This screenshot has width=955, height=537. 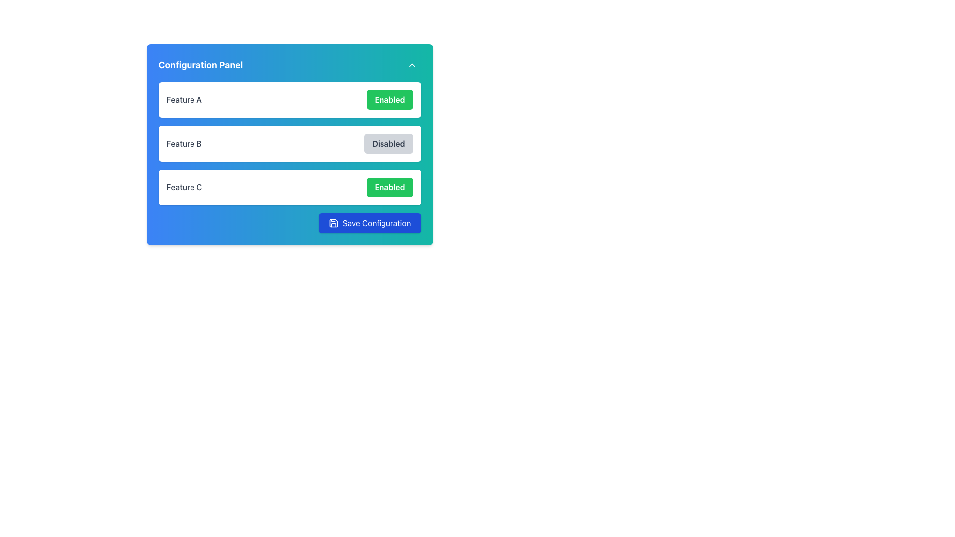 What do you see at coordinates (184, 99) in the screenshot?
I see `descriptive label indicating the name of the feature 'Feature A' in the top-left section of the feature card in the configuration panel` at bounding box center [184, 99].